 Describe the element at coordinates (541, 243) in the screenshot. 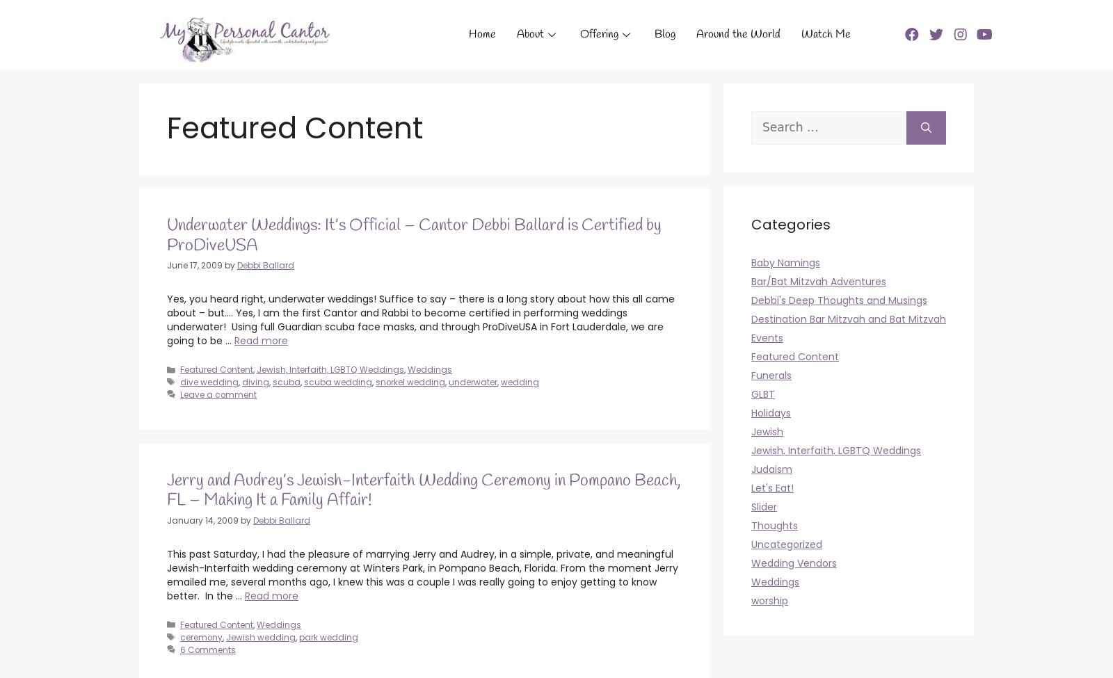

I see `'My Calendar'` at that location.